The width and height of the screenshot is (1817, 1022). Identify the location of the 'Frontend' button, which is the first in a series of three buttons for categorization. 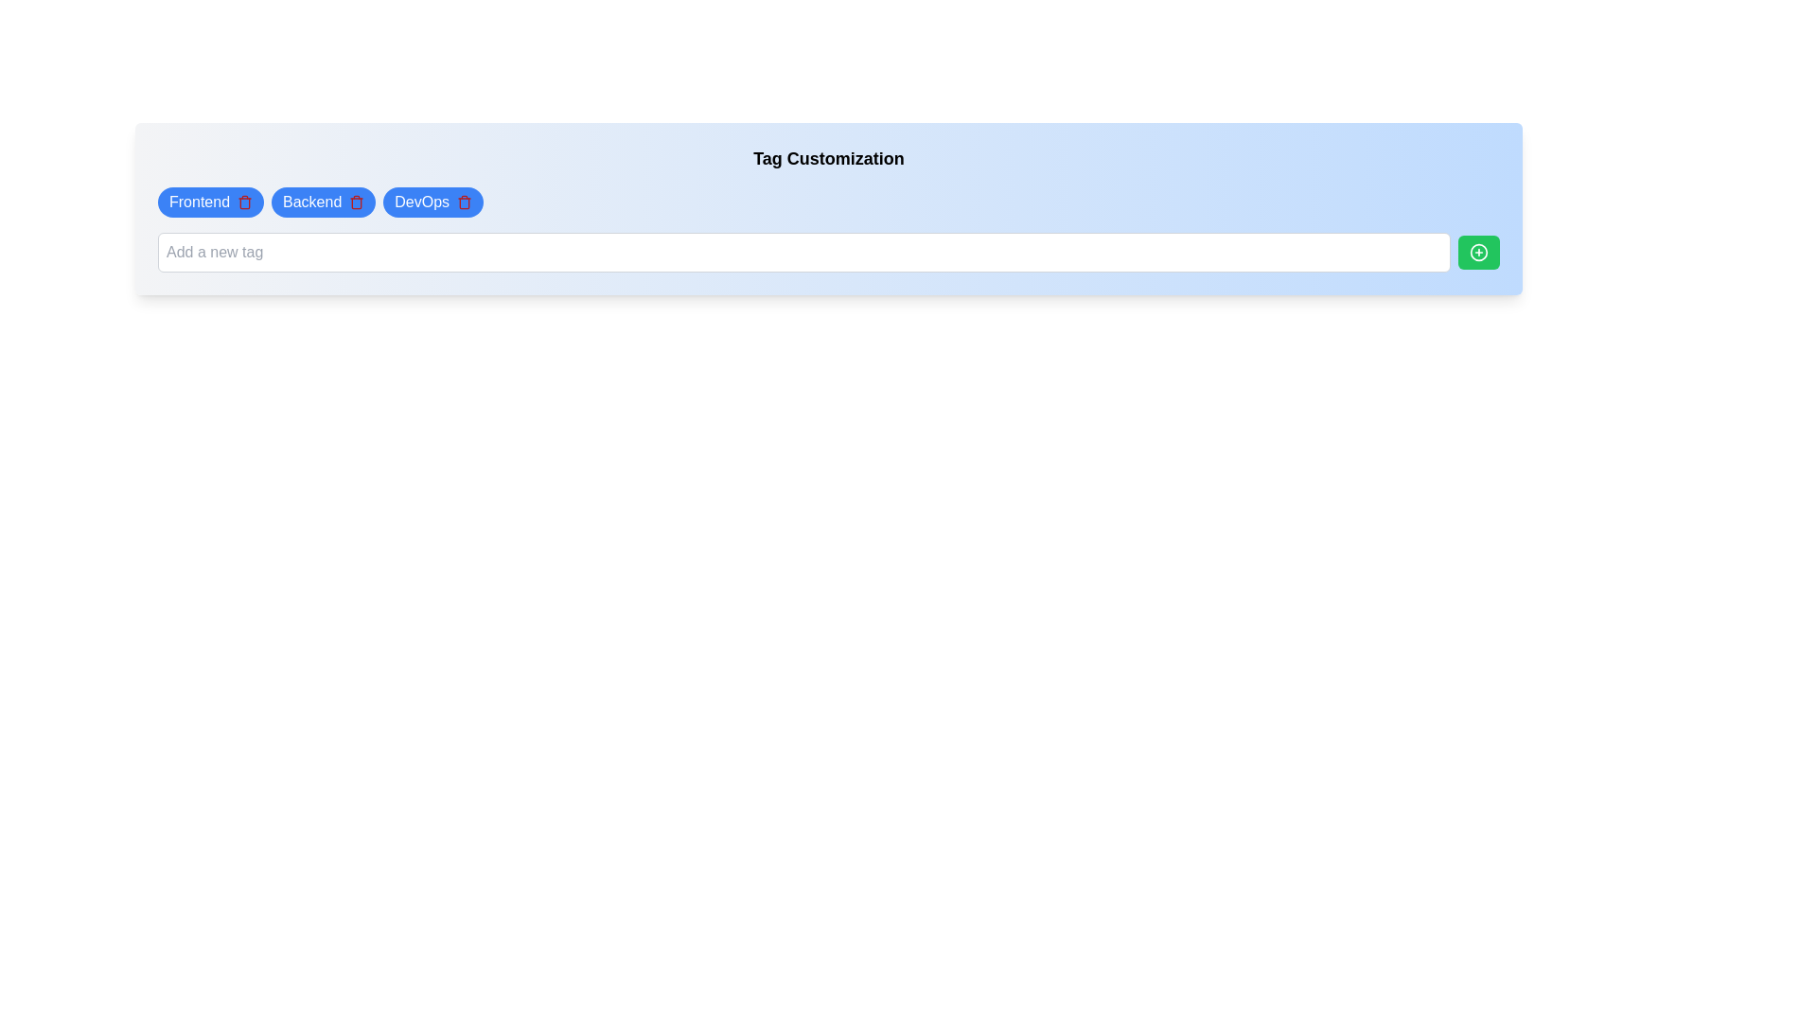
(211, 202).